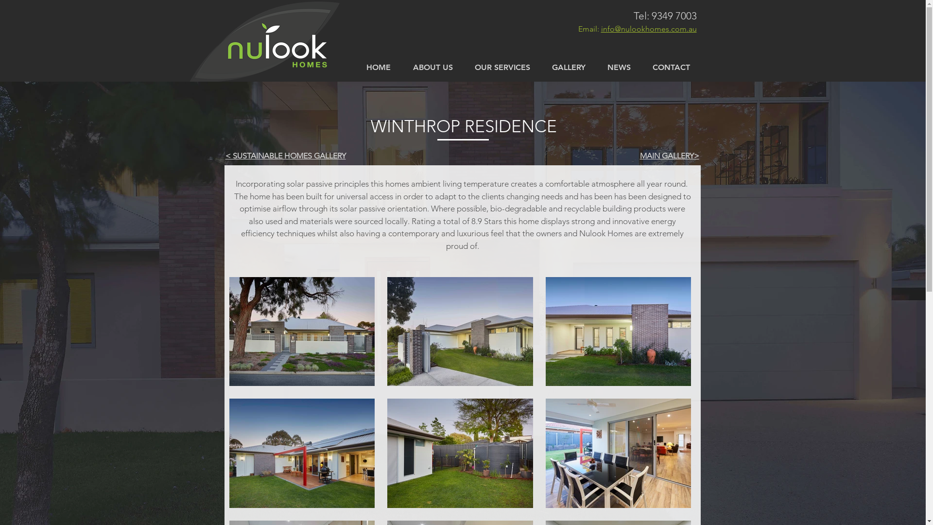 This screenshot has width=933, height=525. What do you see at coordinates (354, 67) in the screenshot?
I see `'HOME'` at bounding box center [354, 67].